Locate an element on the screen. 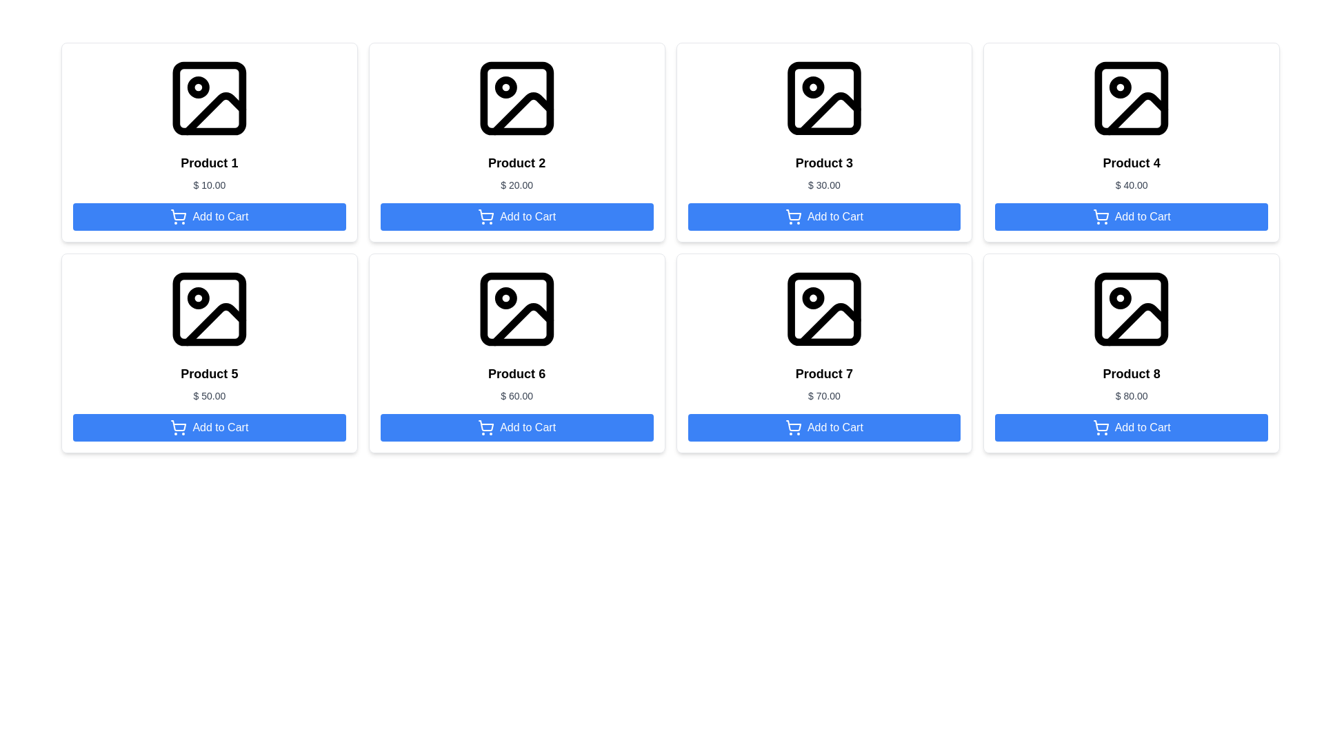 The width and height of the screenshot is (1324, 744). the placeholder image icon located at the top of the 'Product 3' card, which features a circle in the top-left corner and a diagonal line from the bottom-left to the middle-right is located at coordinates (824, 97).